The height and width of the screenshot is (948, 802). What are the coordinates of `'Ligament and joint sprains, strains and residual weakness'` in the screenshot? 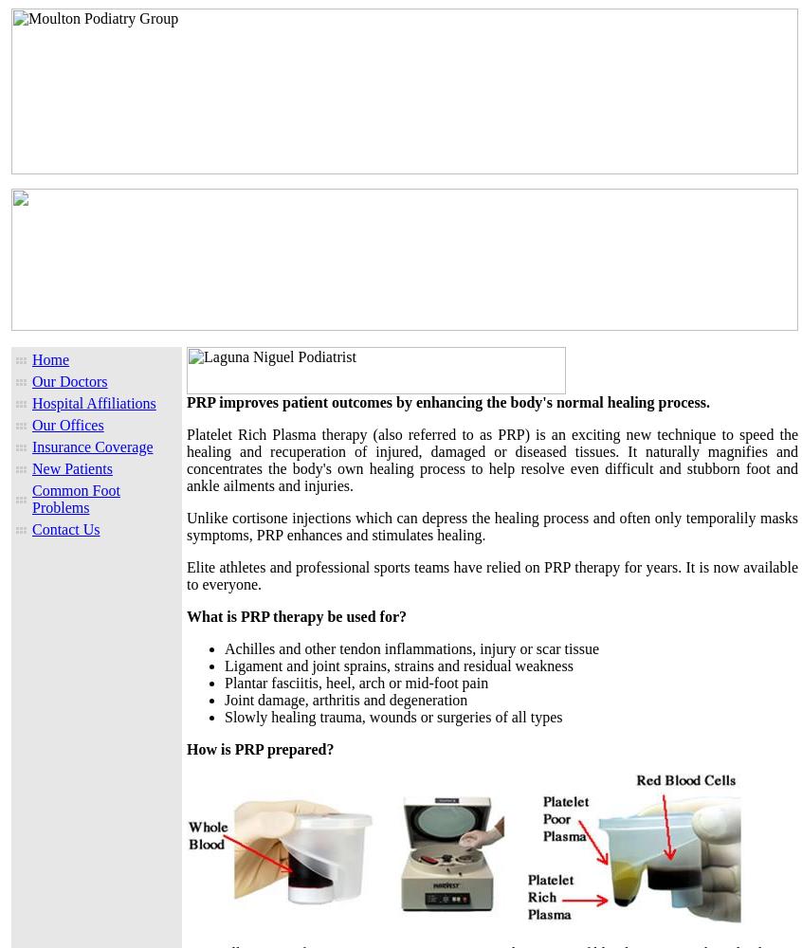 It's located at (398, 665).